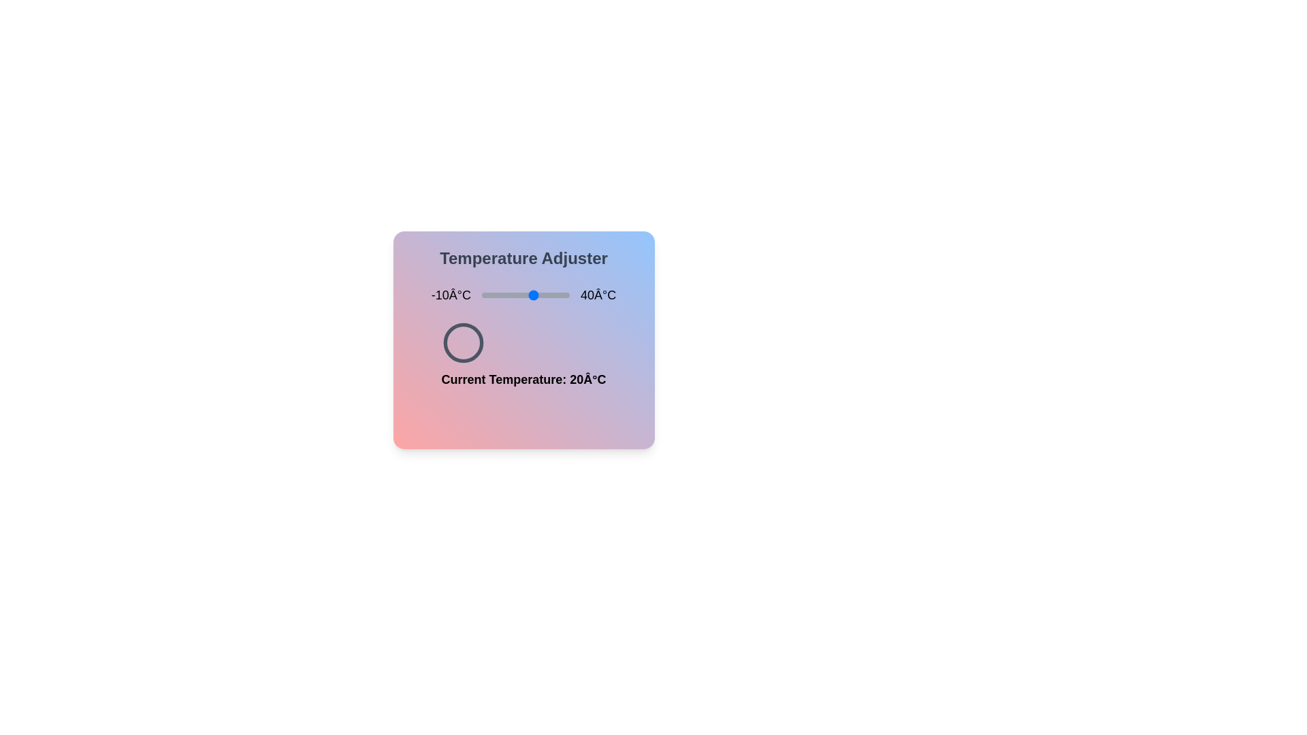  I want to click on the temperature to 5 degrees Celsius using the slider, so click(507, 295).